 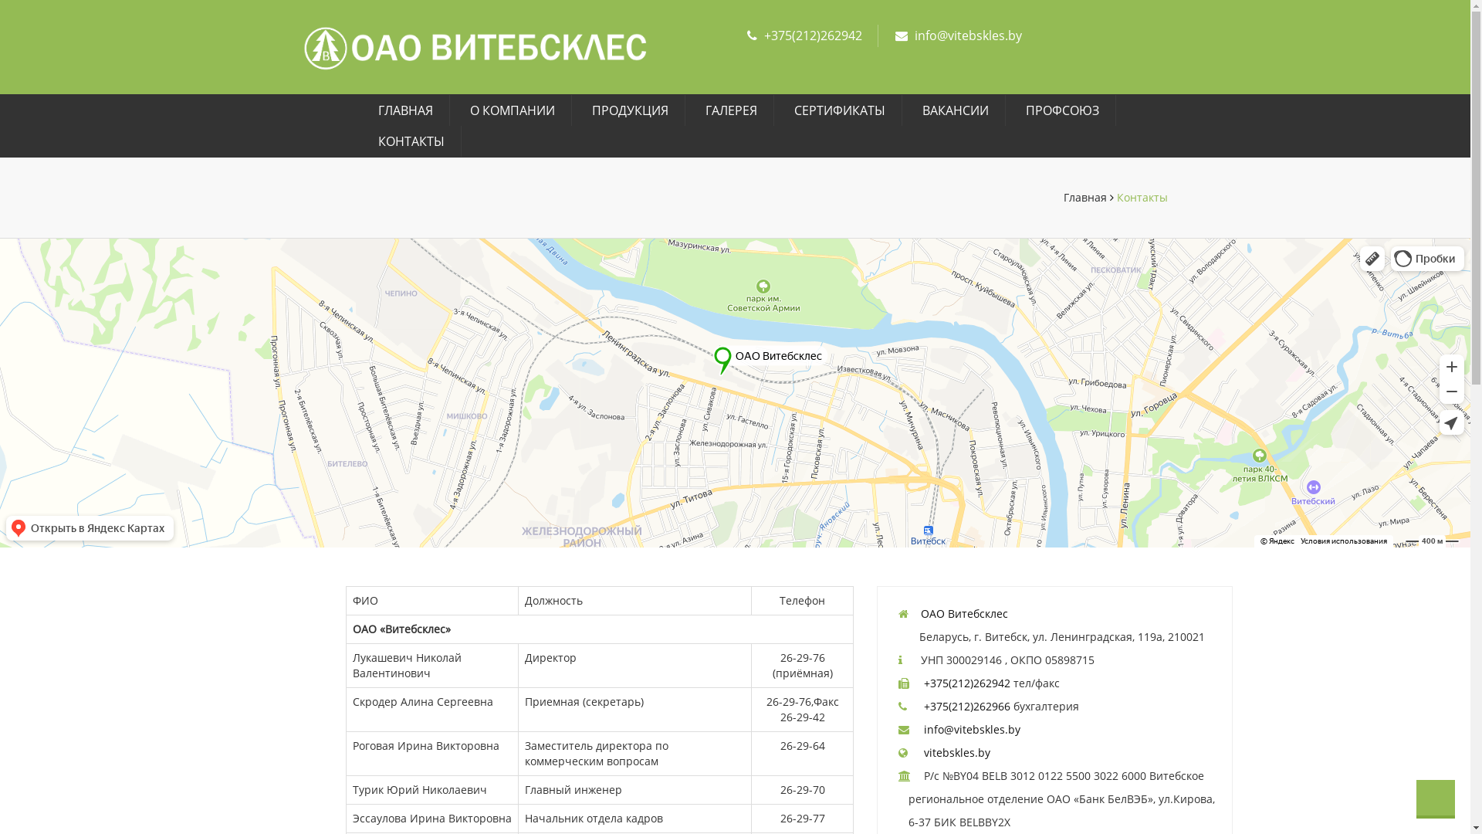 What do you see at coordinates (966, 706) in the screenshot?
I see `'+375(212)262966'` at bounding box center [966, 706].